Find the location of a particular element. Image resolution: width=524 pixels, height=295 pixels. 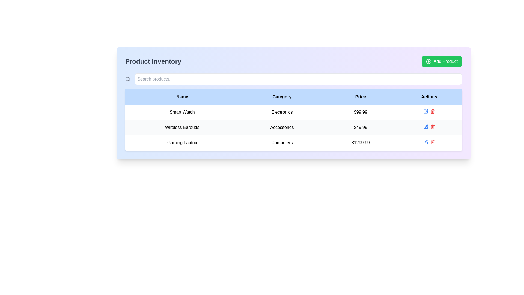

the 'Add Product' button which contains the SVG circle element that visually indicates the button's function for adding or creating items is located at coordinates (428, 61).